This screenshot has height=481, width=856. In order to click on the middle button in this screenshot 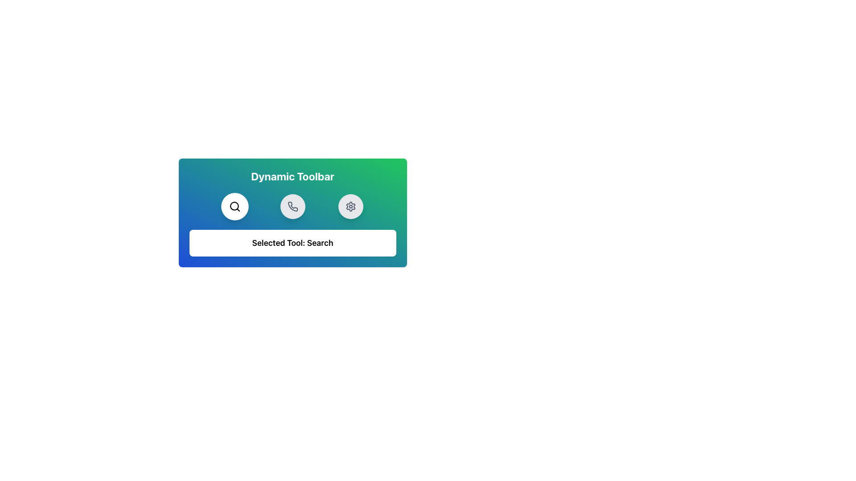, I will do `click(292, 206)`.